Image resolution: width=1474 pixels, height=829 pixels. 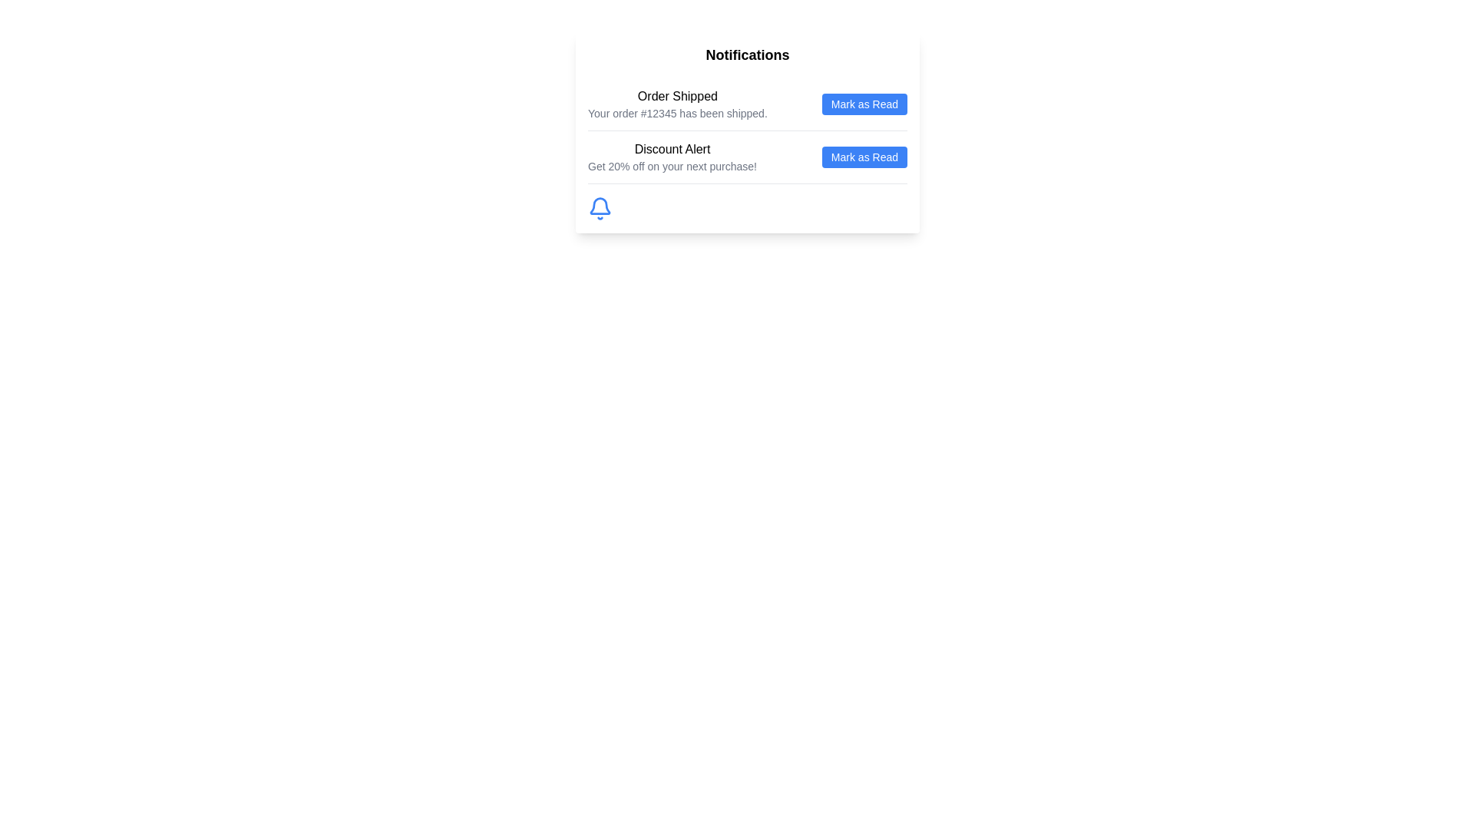 What do you see at coordinates (600, 209) in the screenshot?
I see `the notification icon located below the 'Discount Alert' text in the notification interface` at bounding box center [600, 209].